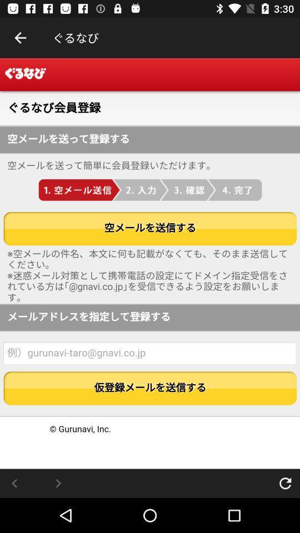 The image size is (300, 533). What do you see at coordinates (285, 482) in the screenshot?
I see `the refresh icon` at bounding box center [285, 482].